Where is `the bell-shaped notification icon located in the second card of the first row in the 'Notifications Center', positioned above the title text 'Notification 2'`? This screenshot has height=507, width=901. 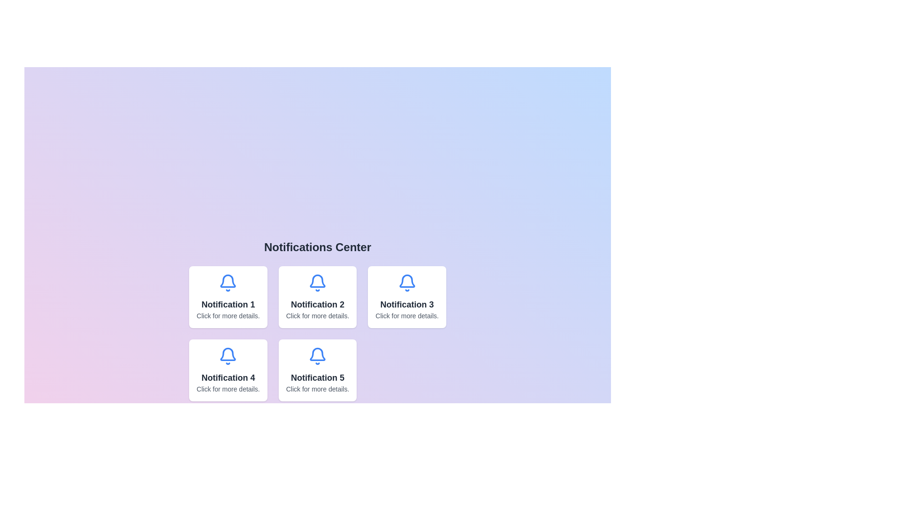
the bell-shaped notification icon located in the second card of the first row in the 'Notifications Center', positioned above the title text 'Notification 2' is located at coordinates (317, 282).